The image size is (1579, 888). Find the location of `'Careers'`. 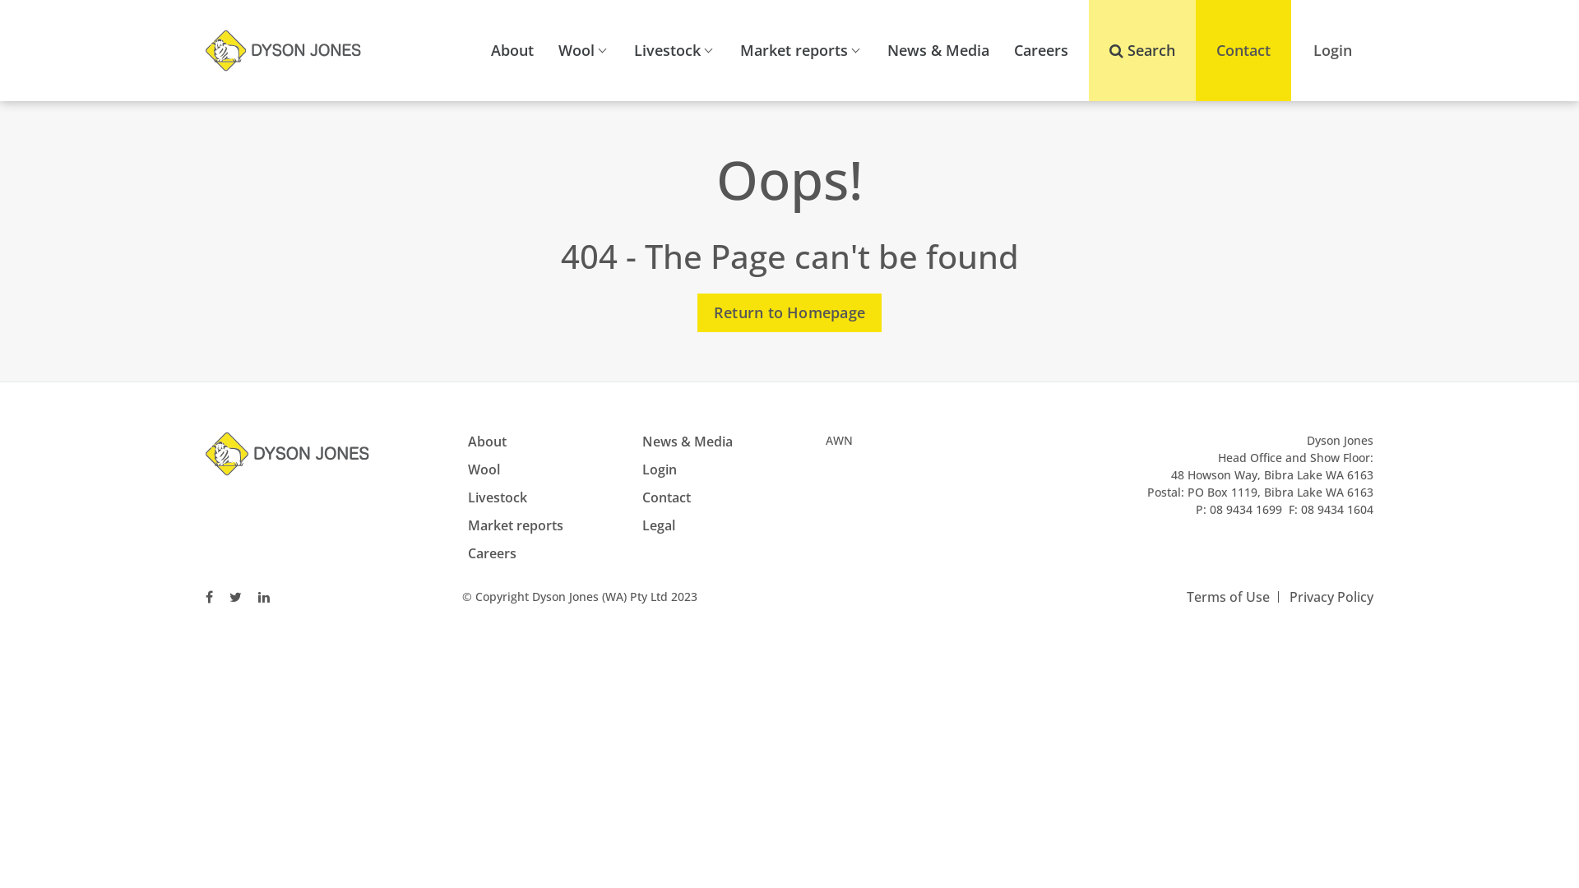

'Careers' is located at coordinates (467, 553).